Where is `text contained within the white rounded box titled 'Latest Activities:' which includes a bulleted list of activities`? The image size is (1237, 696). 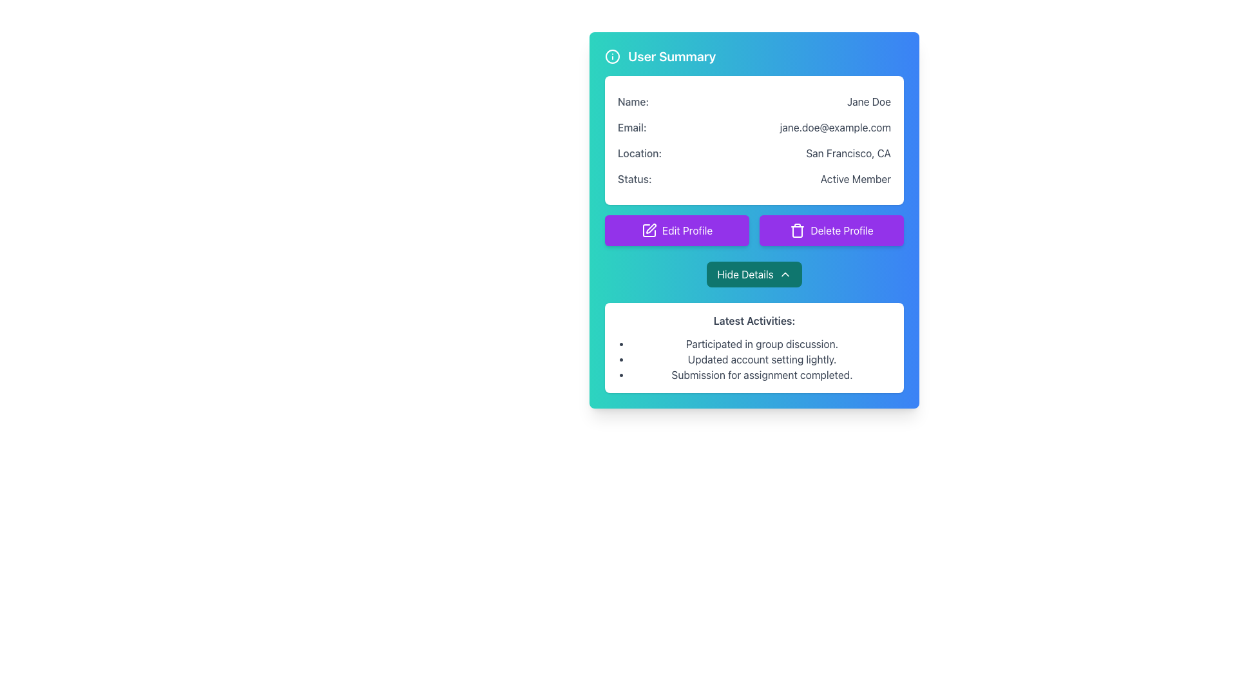
text contained within the white rounded box titled 'Latest Activities:' which includes a bulleted list of activities is located at coordinates (754, 348).